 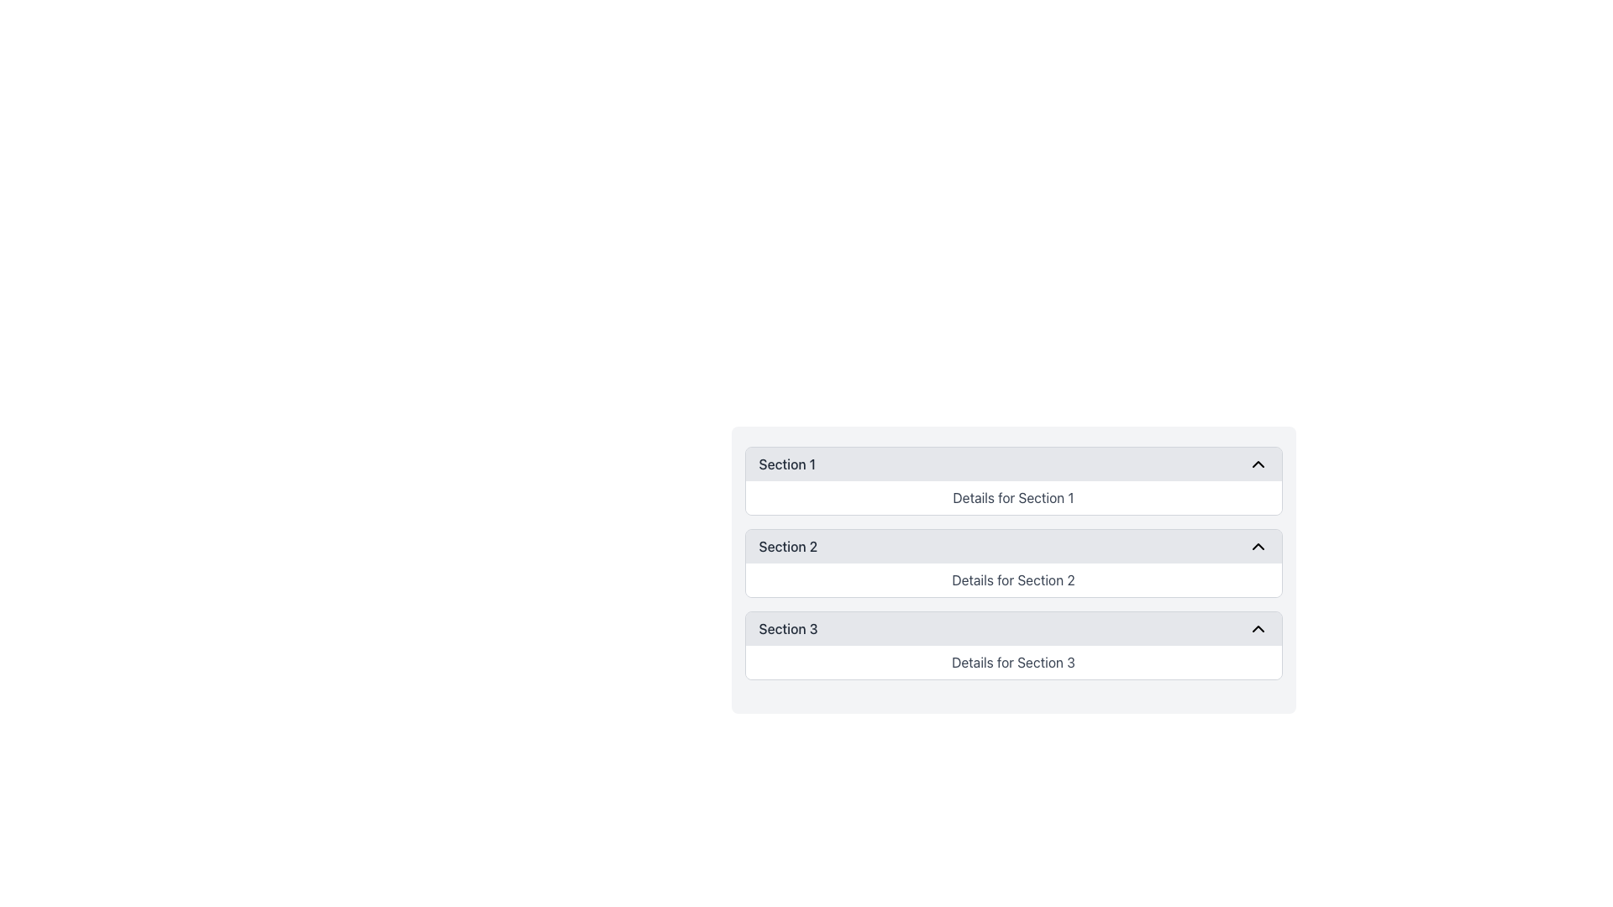 I want to click on the static text element displaying 'Details for Section 3', which is located below the 'Section 3' header in an expandable content panel, so click(x=1012, y=662).